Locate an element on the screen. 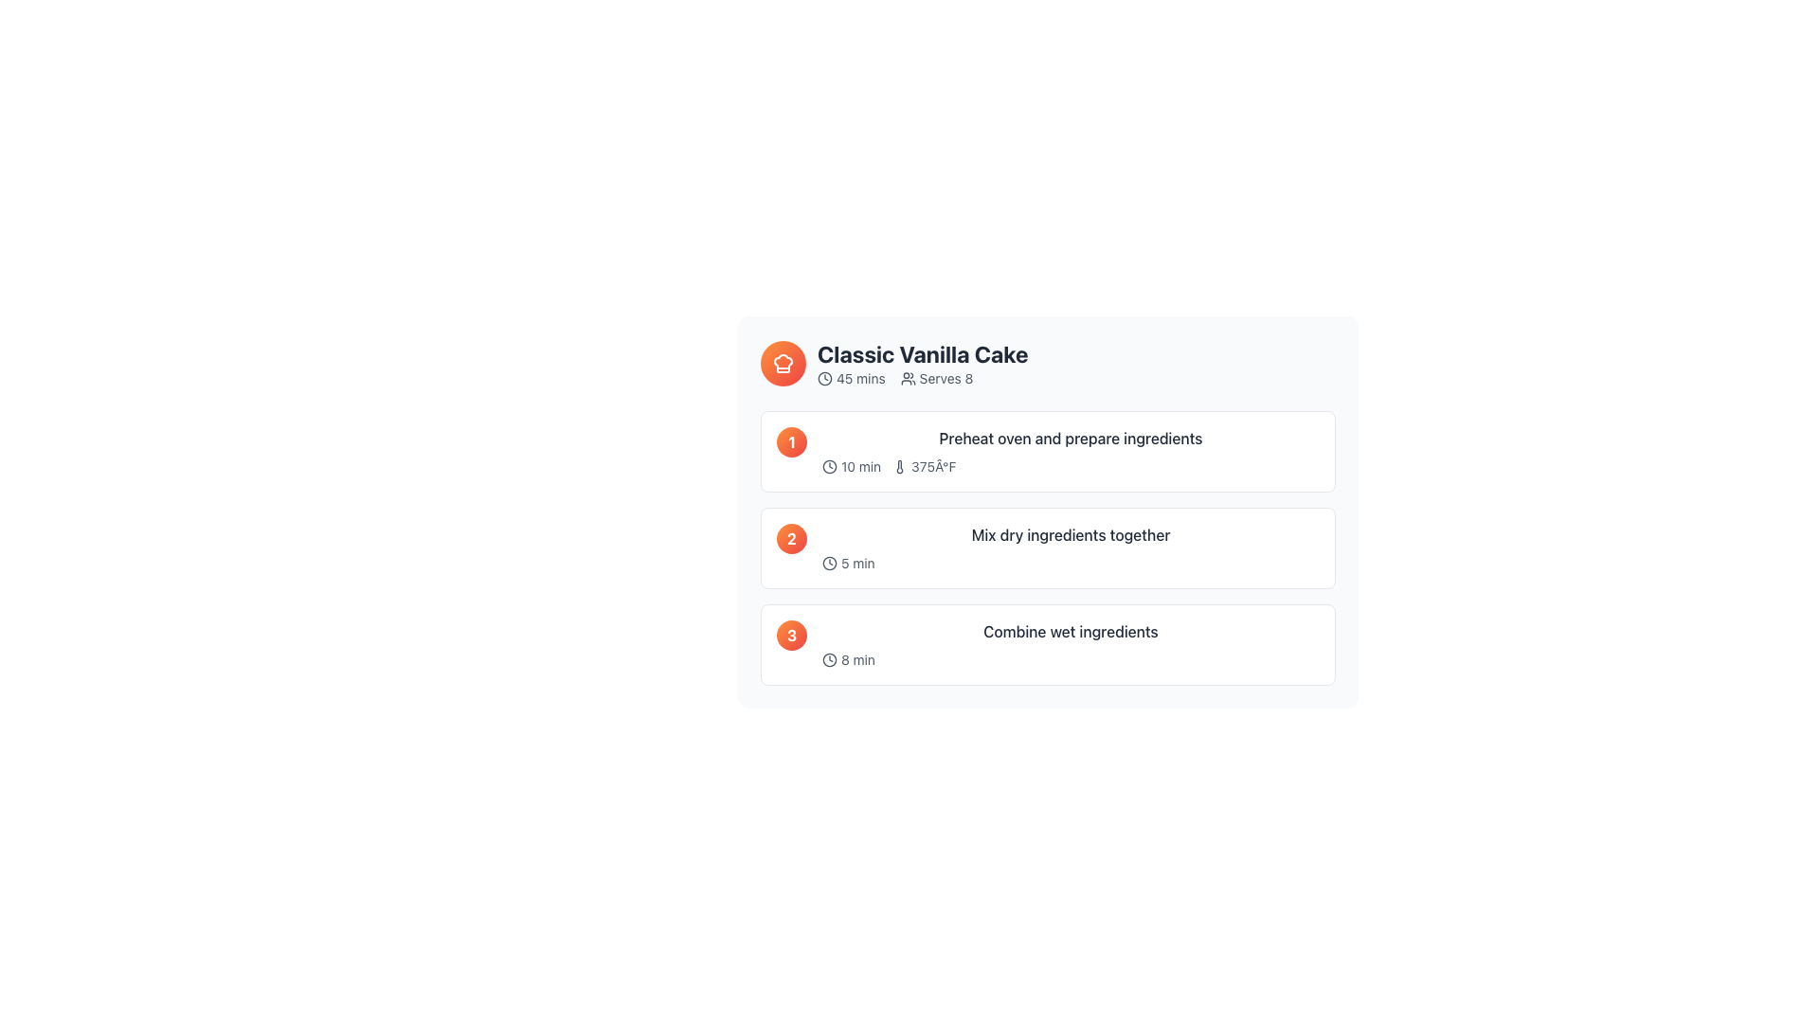 This screenshot has height=1023, width=1819. the list item representing step 3, which includes the text 'Combine wet ingredients' and the time '8 min' is located at coordinates (1047, 644).